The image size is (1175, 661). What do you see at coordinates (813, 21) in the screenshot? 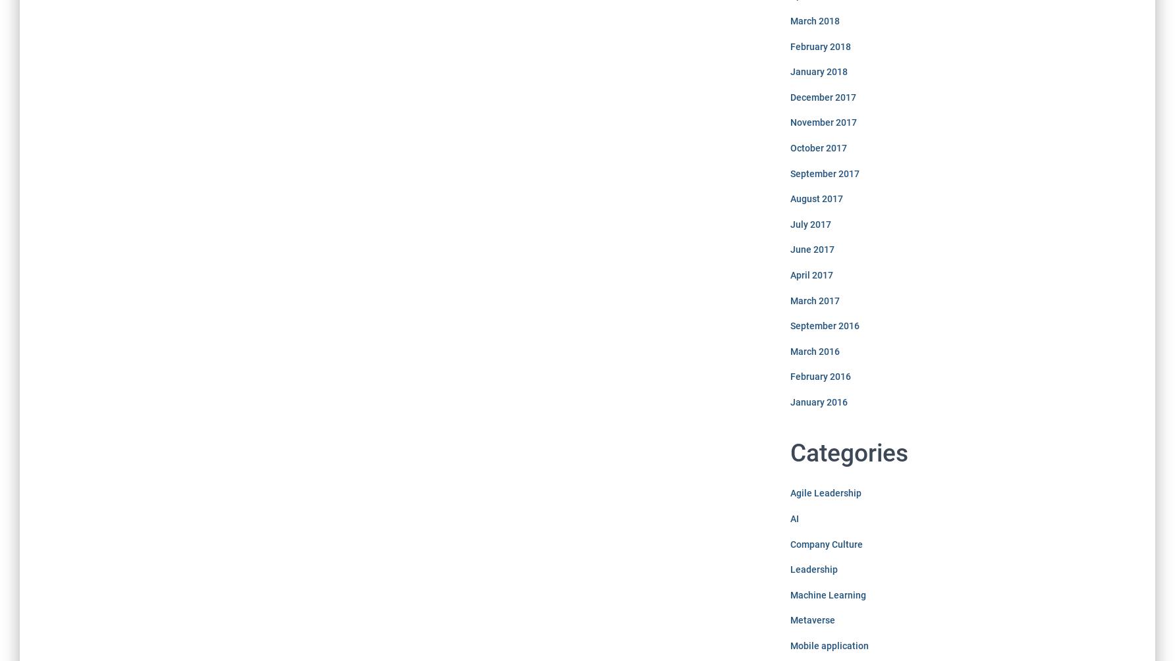
I see `'March 2018'` at bounding box center [813, 21].